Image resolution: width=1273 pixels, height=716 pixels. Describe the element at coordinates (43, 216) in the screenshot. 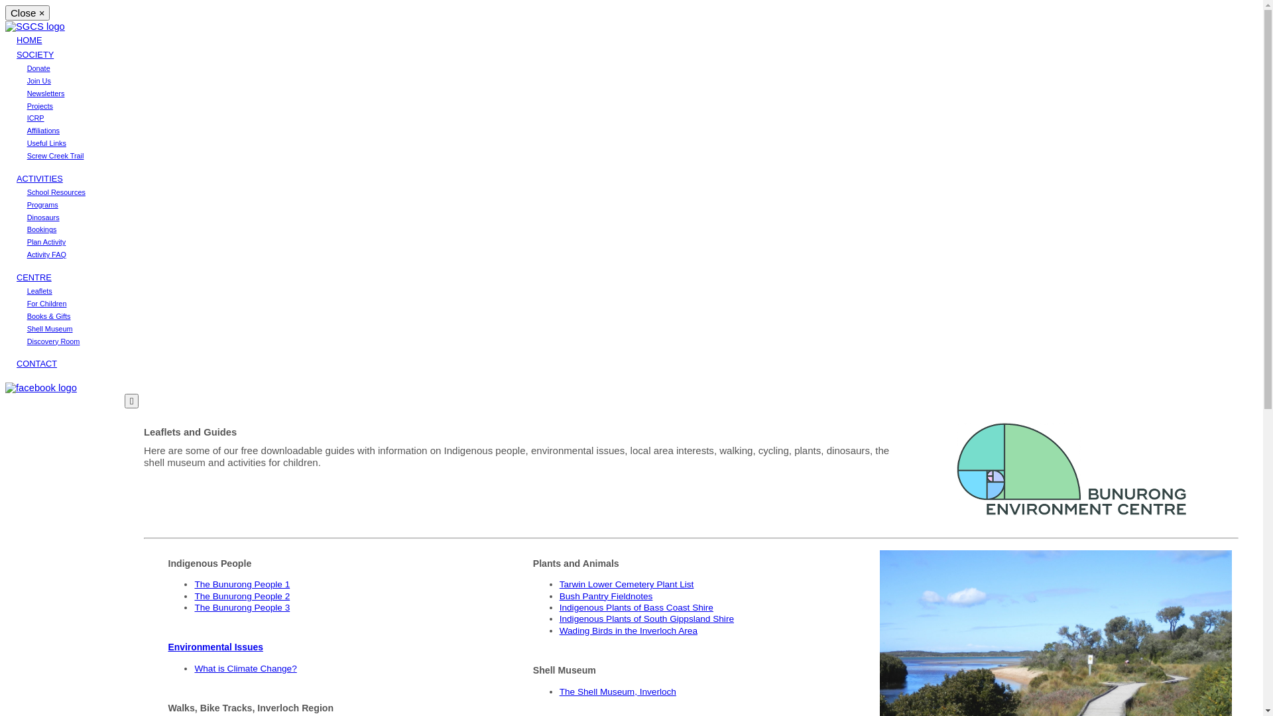

I see `'Dinosaurs'` at that location.